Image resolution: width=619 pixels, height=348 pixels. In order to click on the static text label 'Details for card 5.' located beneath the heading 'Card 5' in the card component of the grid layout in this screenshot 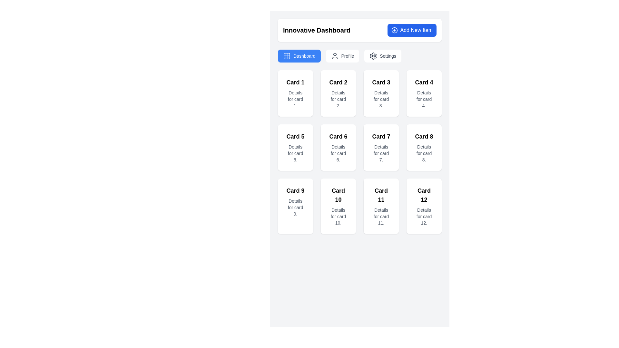, I will do `click(295, 153)`.